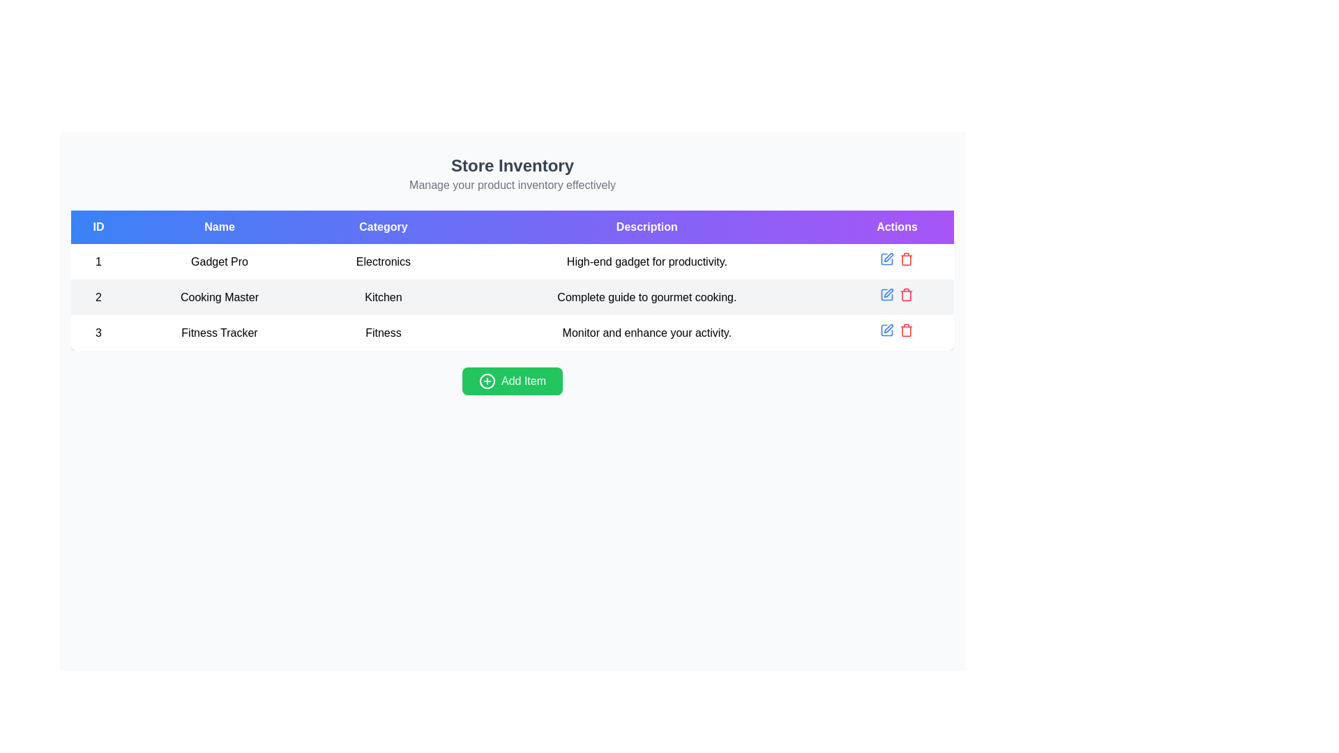  Describe the element at coordinates (219, 296) in the screenshot. I see `the Text label located in the second column of the second row of the table, positioned between '2' and 'Kitchen'` at that location.